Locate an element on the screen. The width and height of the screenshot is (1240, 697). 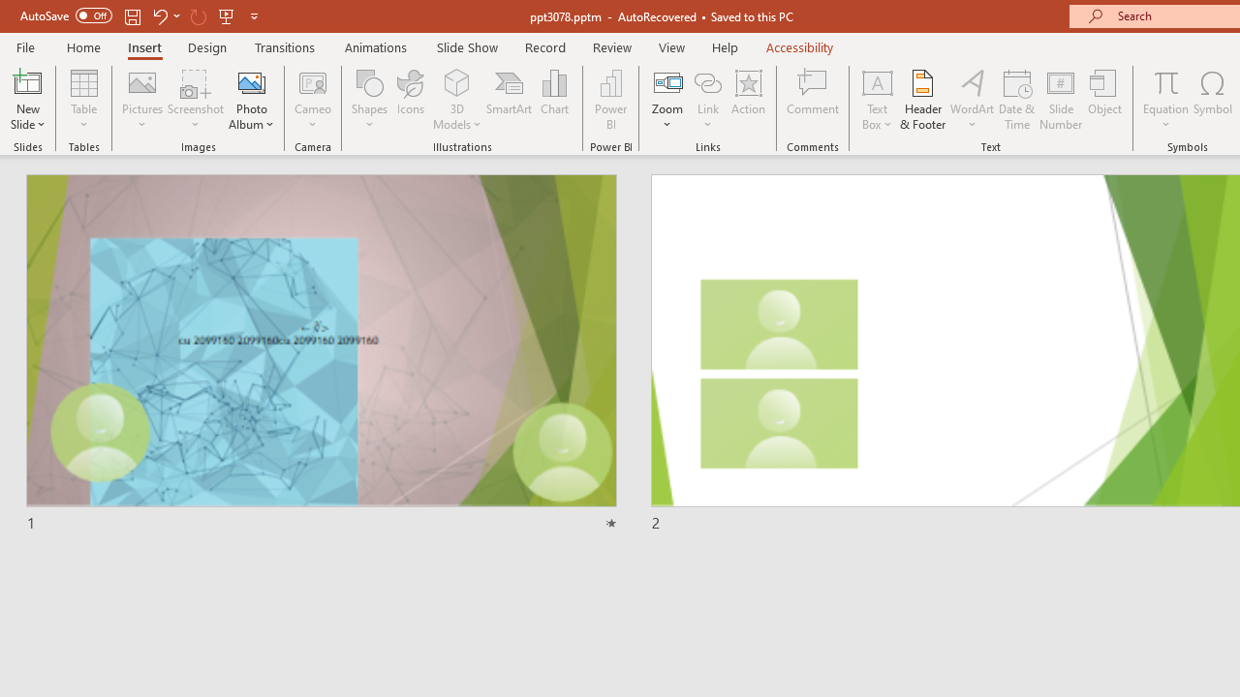
'Equation' is located at coordinates (1164, 81).